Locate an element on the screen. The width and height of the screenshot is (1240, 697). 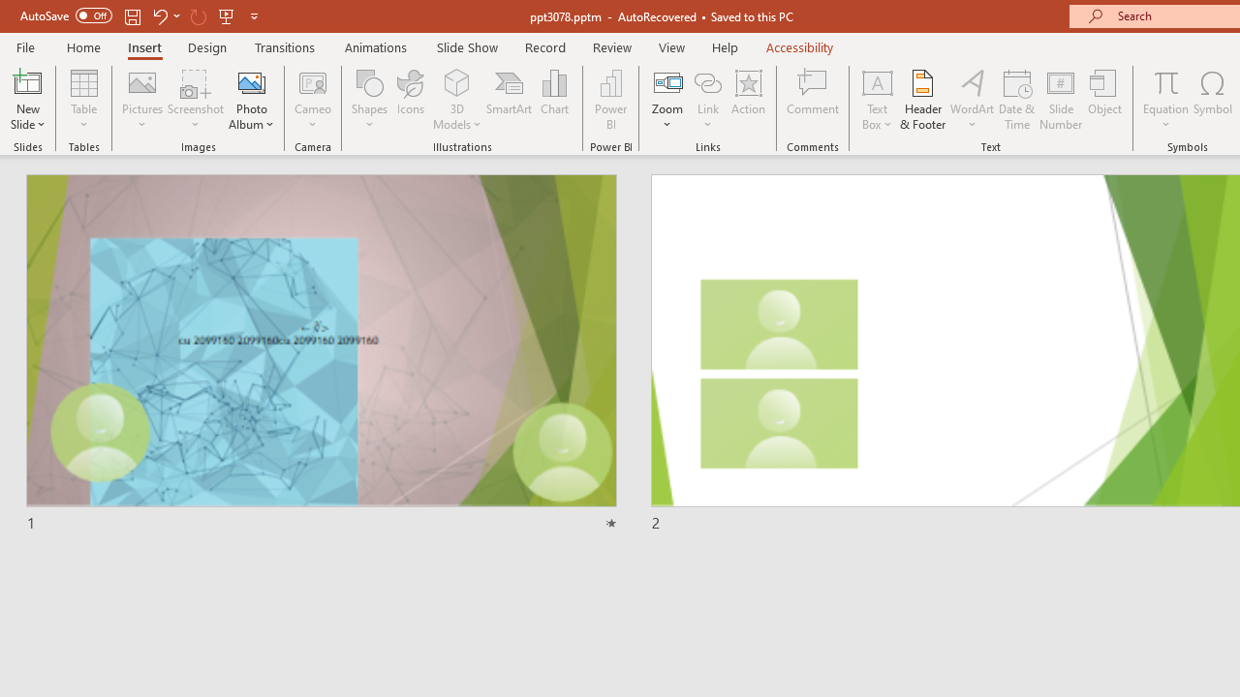
'Equation' is located at coordinates (1164, 81).